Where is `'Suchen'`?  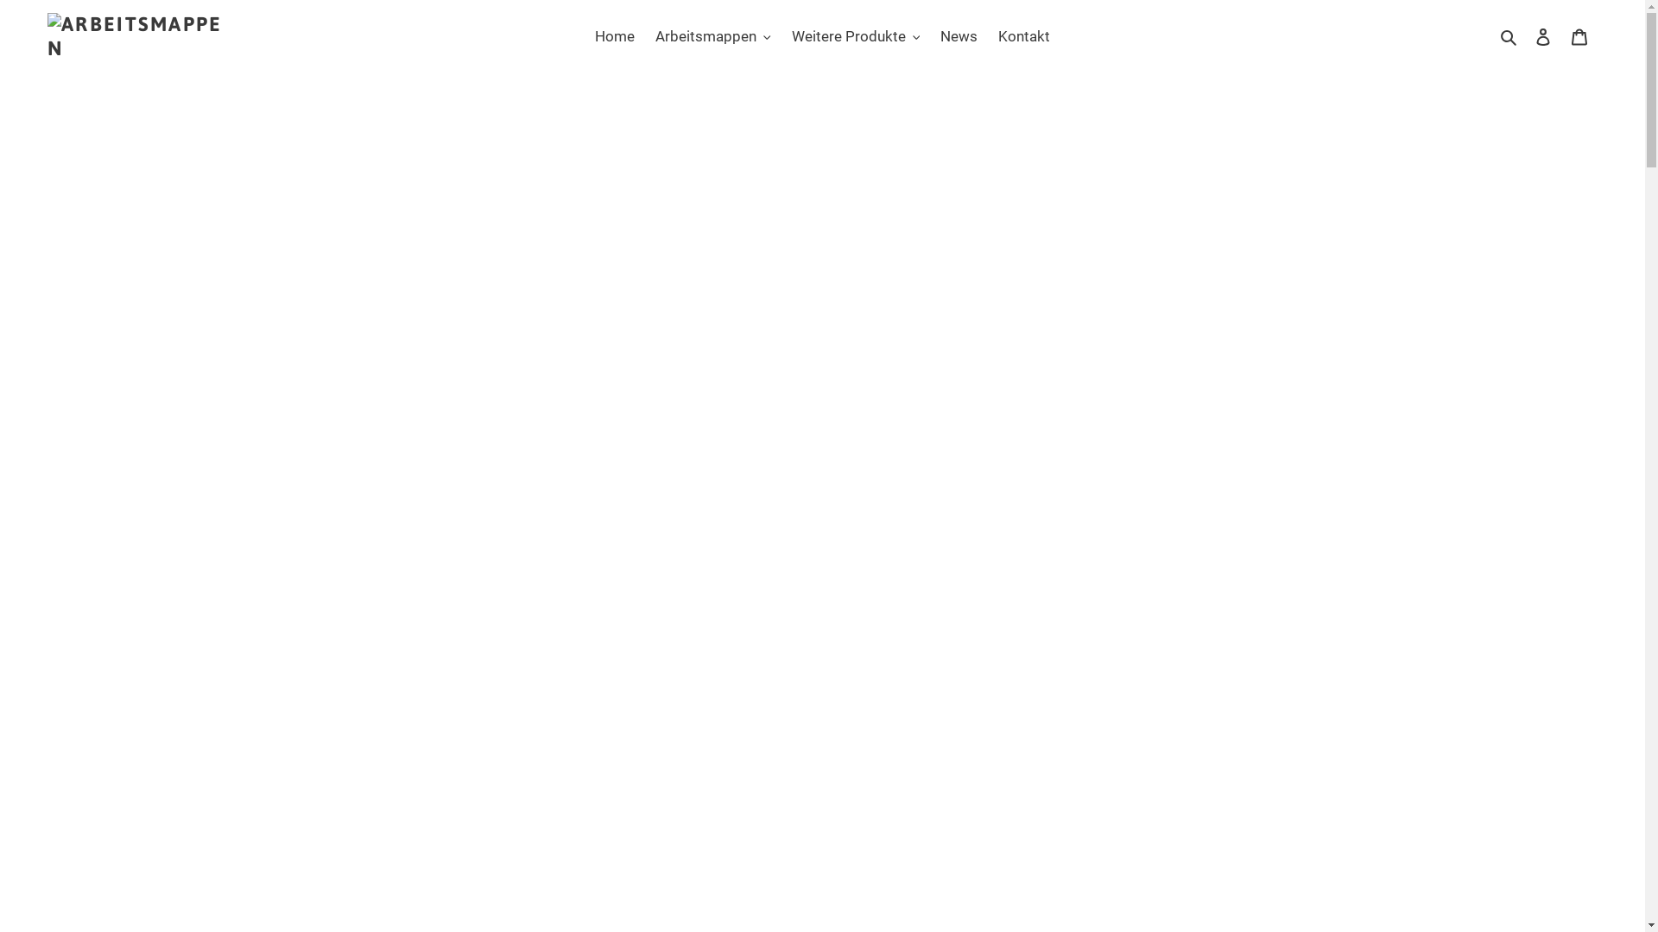 'Suchen' is located at coordinates (1509, 36).